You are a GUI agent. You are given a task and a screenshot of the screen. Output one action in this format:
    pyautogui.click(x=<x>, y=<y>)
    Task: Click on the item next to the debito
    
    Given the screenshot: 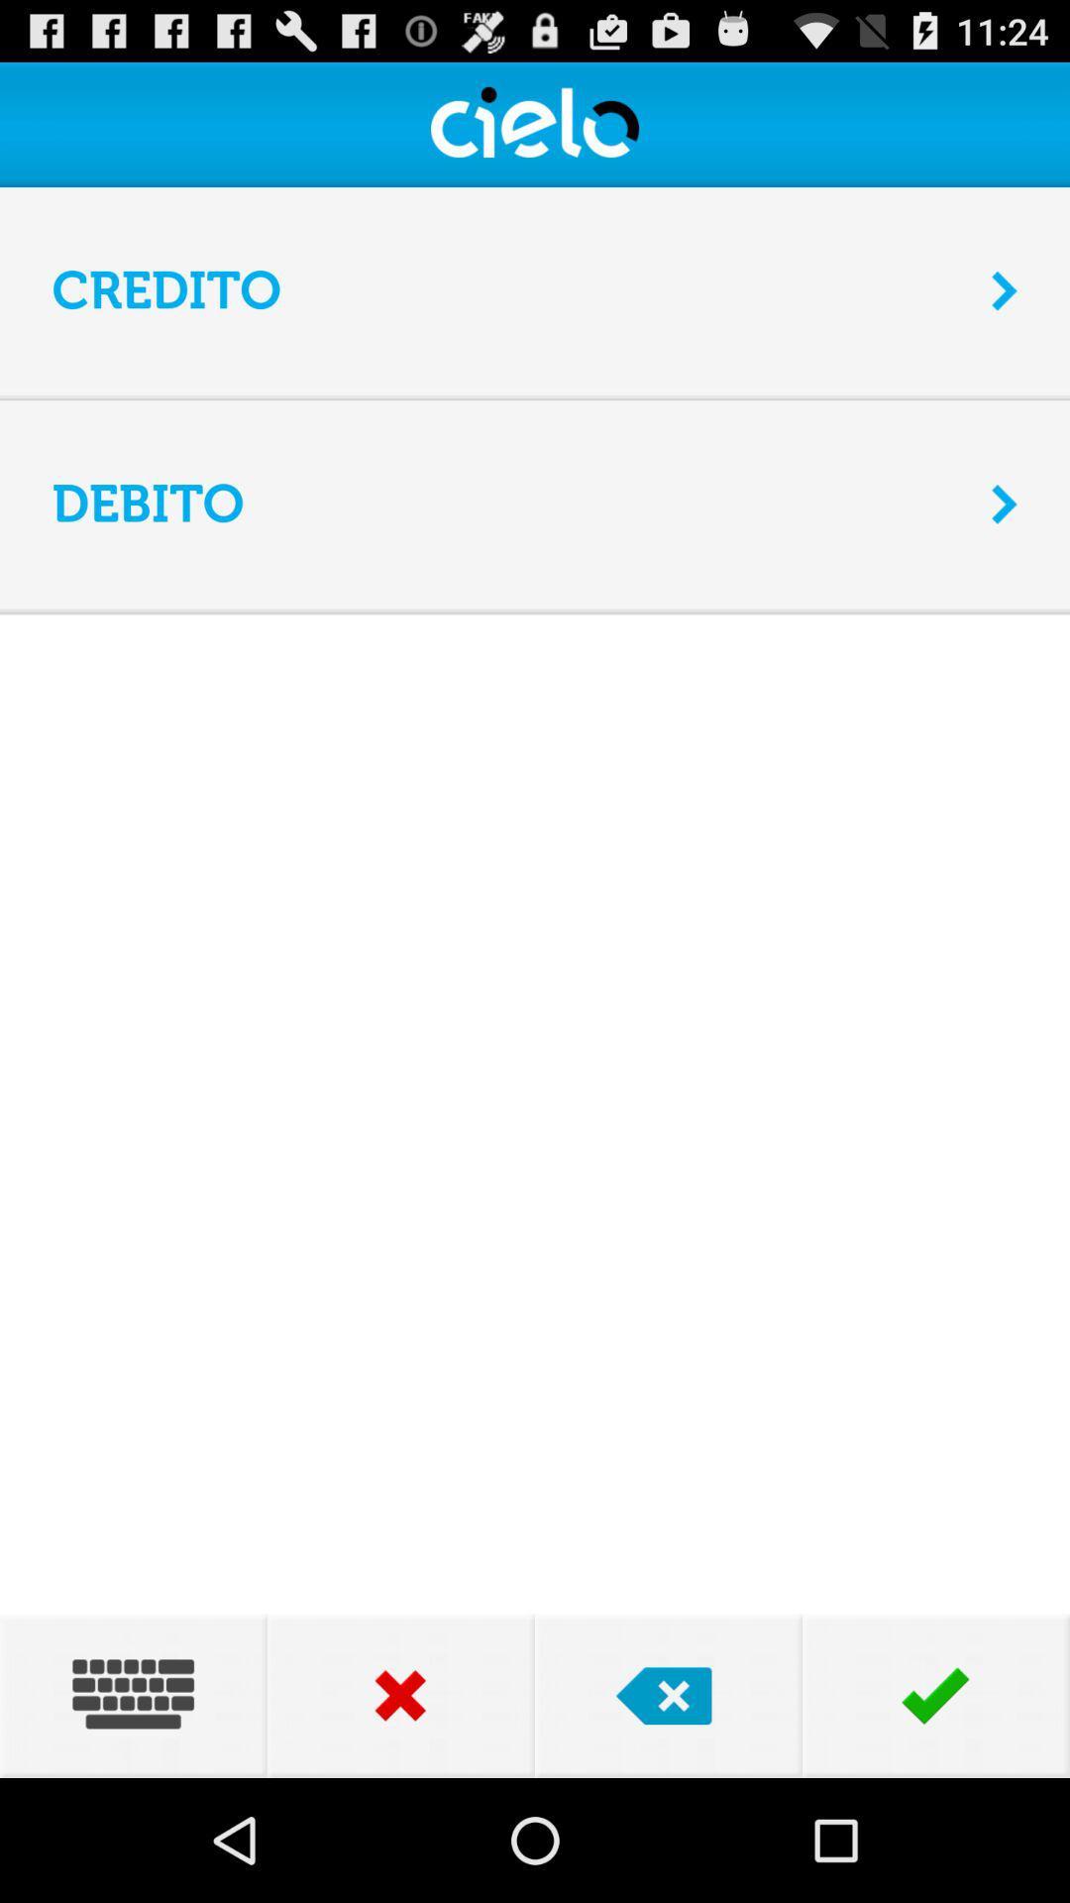 What is the action you would take?
    pyautogui.click(x=1005, y=504)
    